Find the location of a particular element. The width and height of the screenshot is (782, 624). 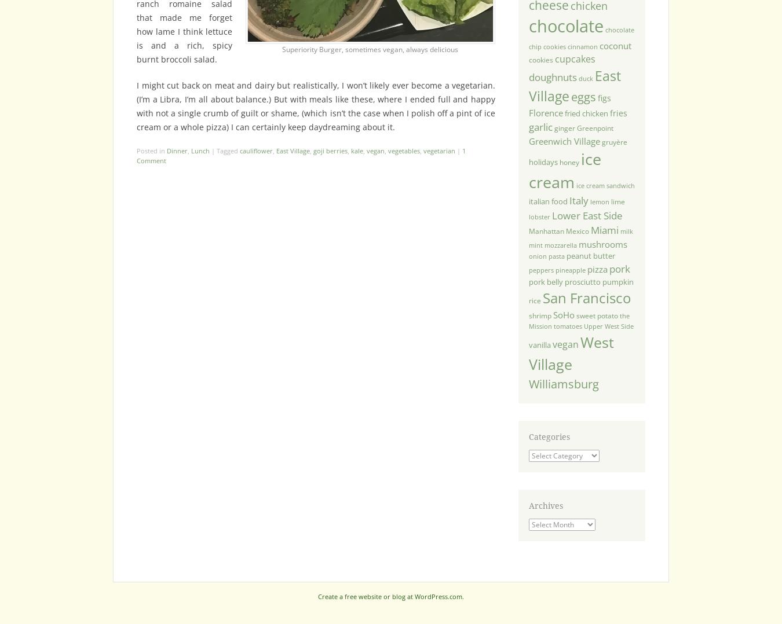

'Archives' is located at coordinates (545, 505).